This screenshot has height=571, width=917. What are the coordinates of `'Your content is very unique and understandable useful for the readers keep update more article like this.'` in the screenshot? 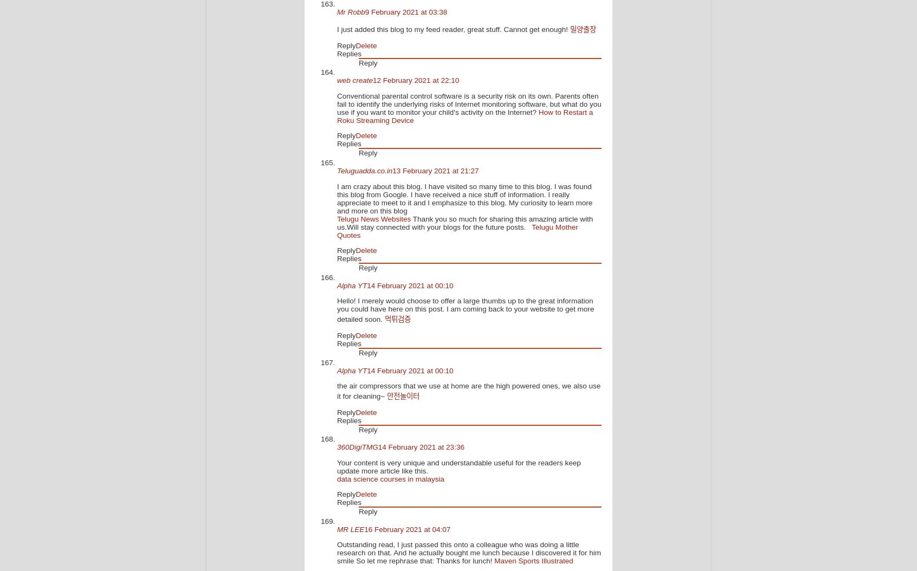 It's located at (458, 466).